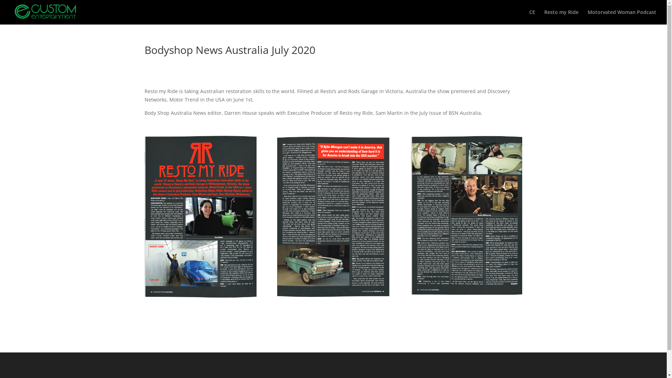  Describe the element at coordinates (622, 17) in the screenshot. I see `'Motorvated Woman Podcast'` at that location.